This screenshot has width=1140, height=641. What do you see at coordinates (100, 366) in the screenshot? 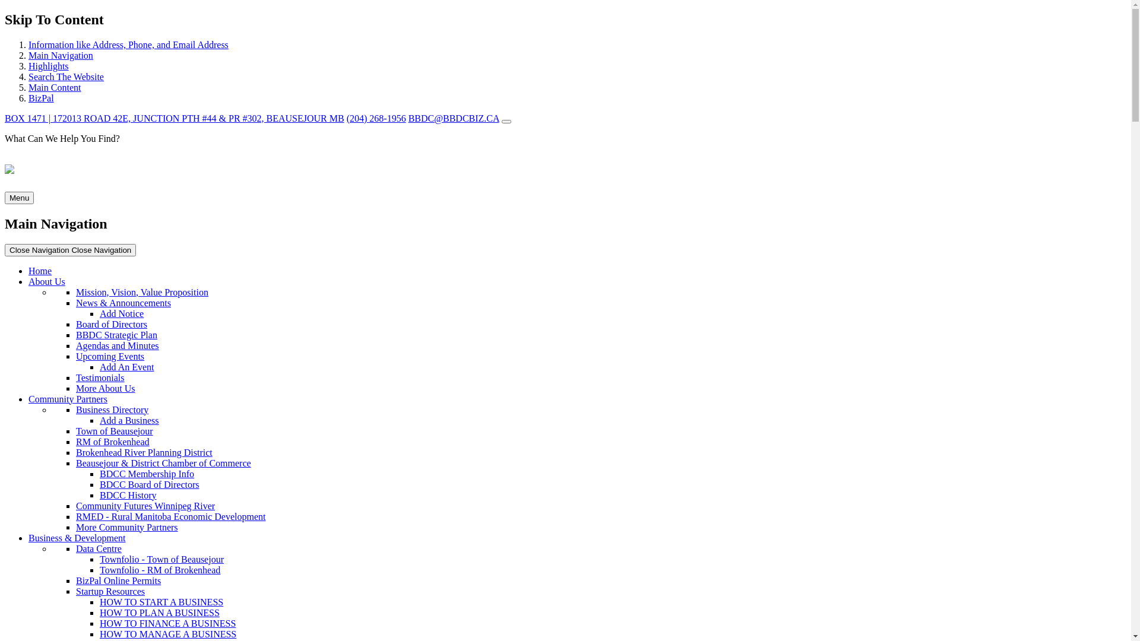
I see `'Add An Event'` at bounding box center [100, 366].